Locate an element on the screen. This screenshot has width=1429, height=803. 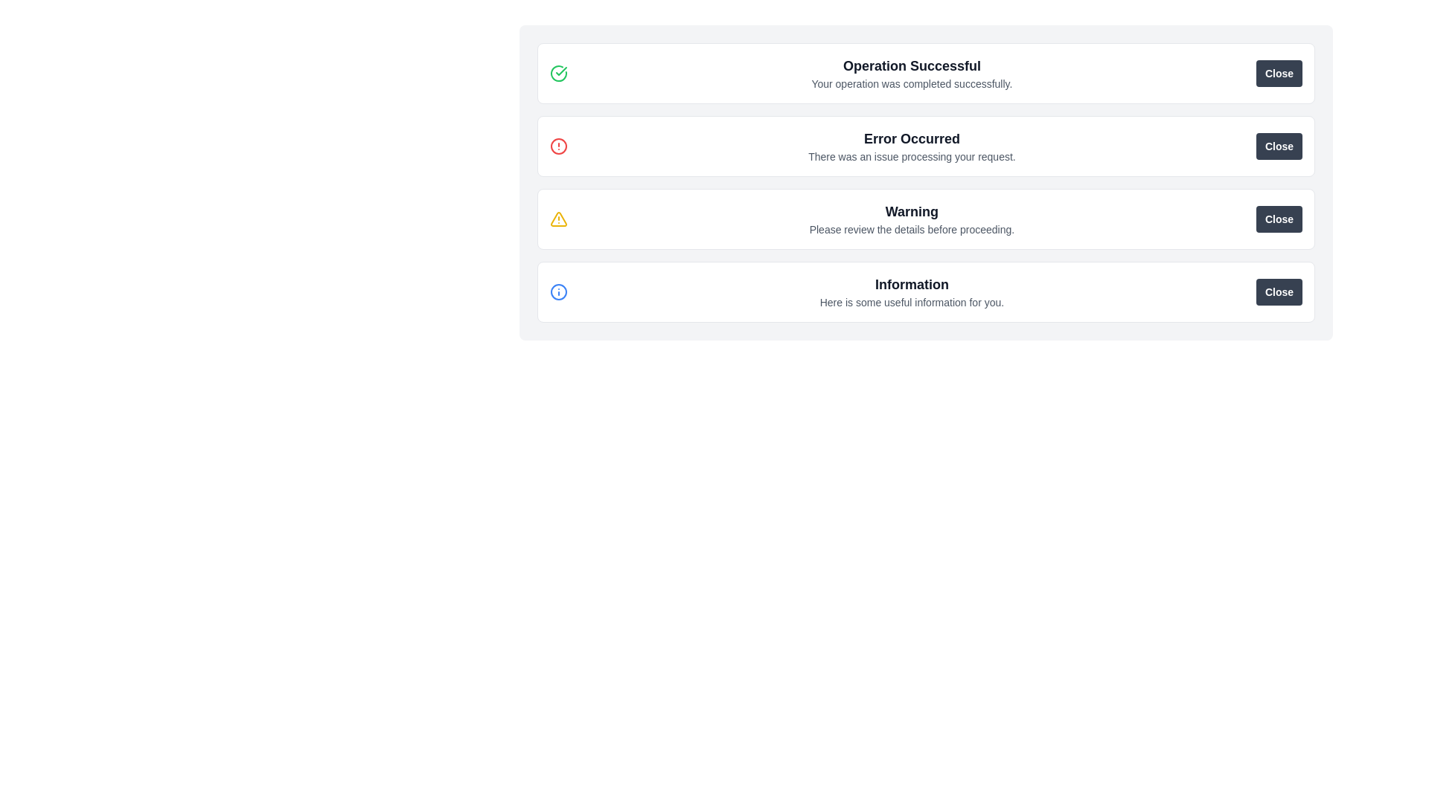
warning text from the Alert Box which displays a bold title 'Warning' and the descriptive text 'Please review the details before proceeding.' is located at coordinates (925, 219).